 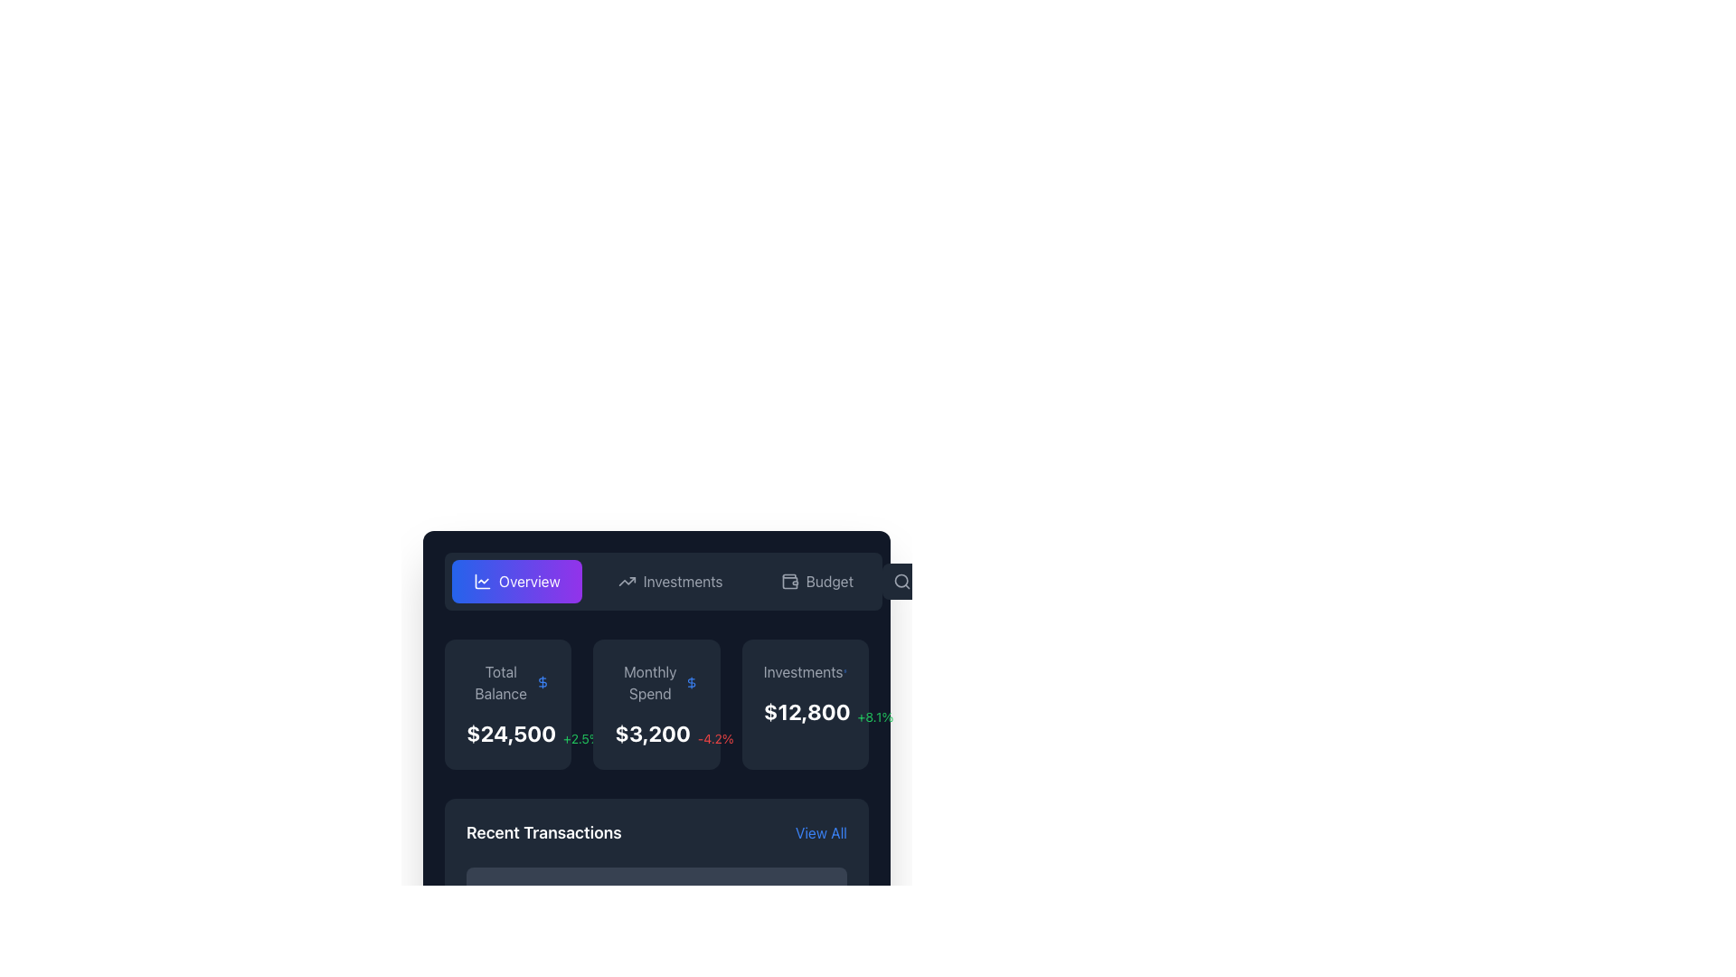 What do you see at coordinates (669, 582) in the screenshot?
I see `the 'Investments' button located in the horizontal navigation bar, positioned between 'Overview' and 'Budget'` at bounding box center [669, 582].